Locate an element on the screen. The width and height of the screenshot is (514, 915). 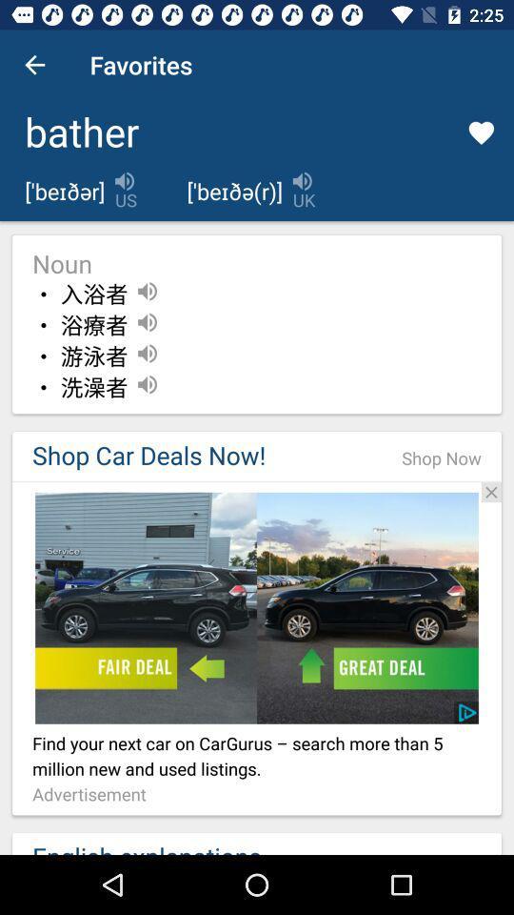
the text which is above the text advertisement is located at coordinates (257, 759).